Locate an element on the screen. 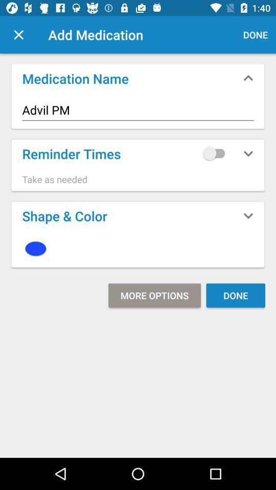 This screenshot has height=490, width=276. more options item is located at coordinates (154, 295).